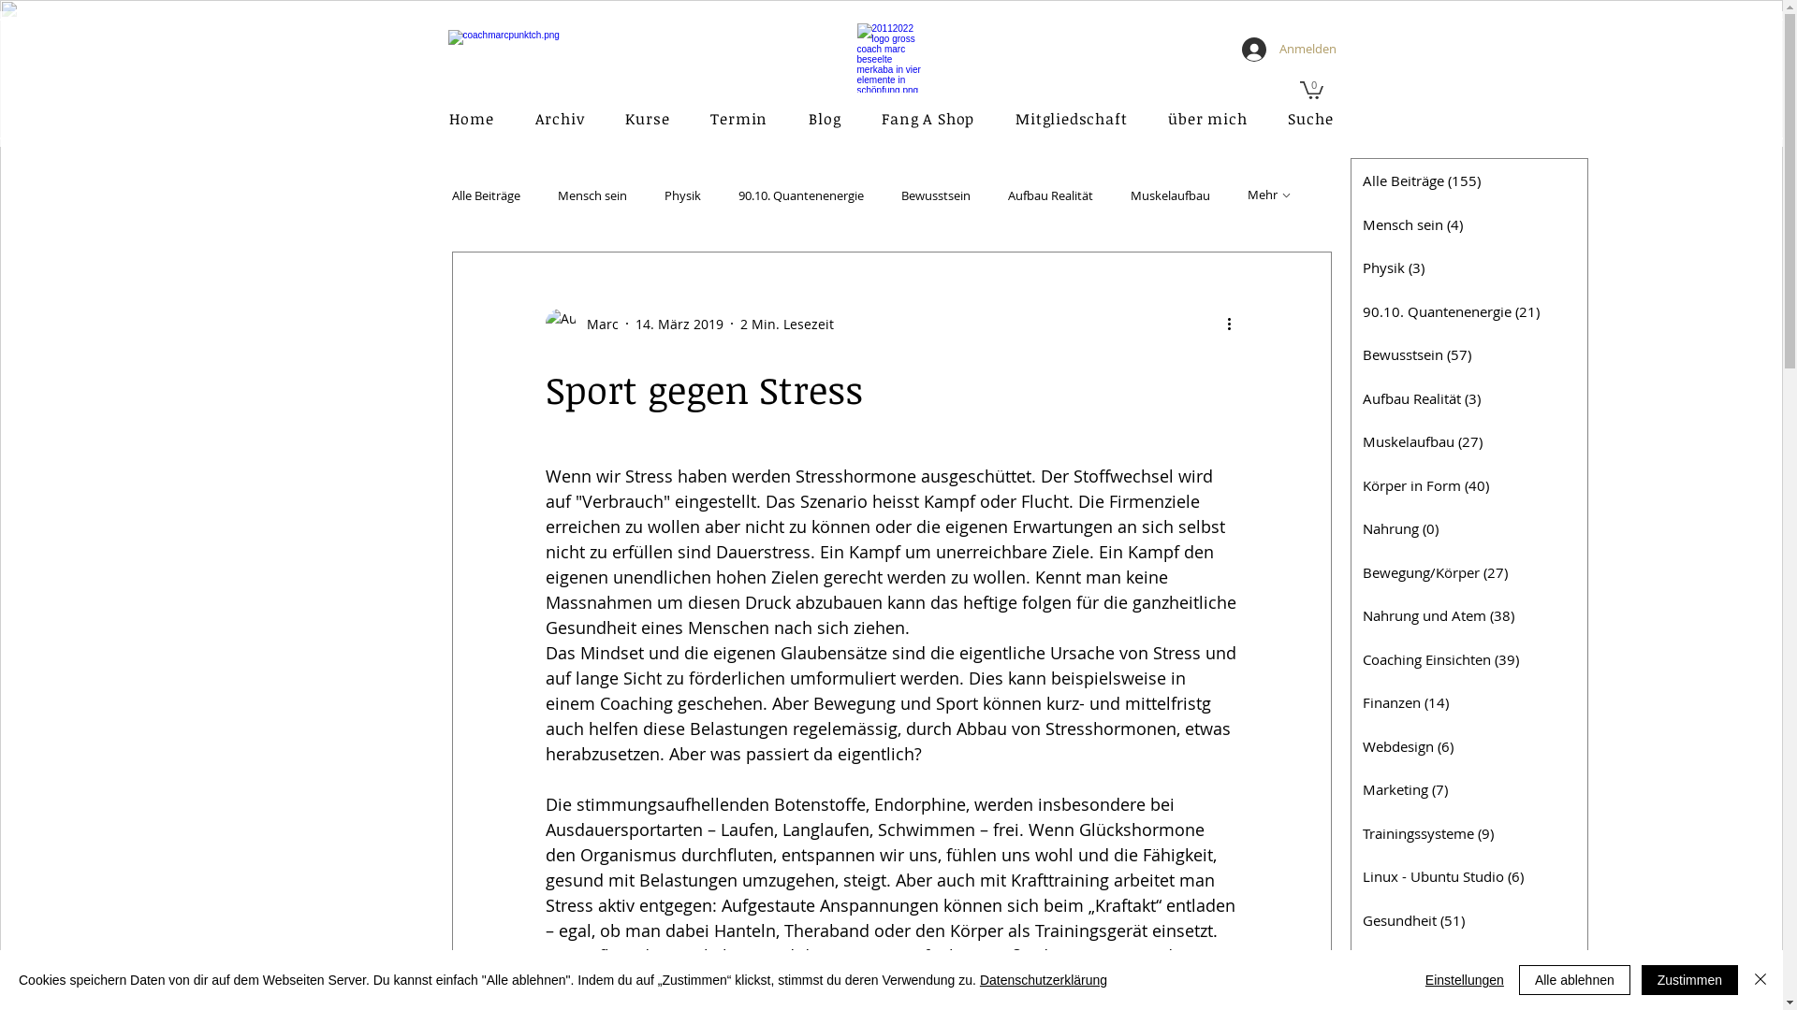  What do you see at coordinates (934, 195) in the screenshot?
I see `'Bewusstsein'` at bounding box center [934, 195].